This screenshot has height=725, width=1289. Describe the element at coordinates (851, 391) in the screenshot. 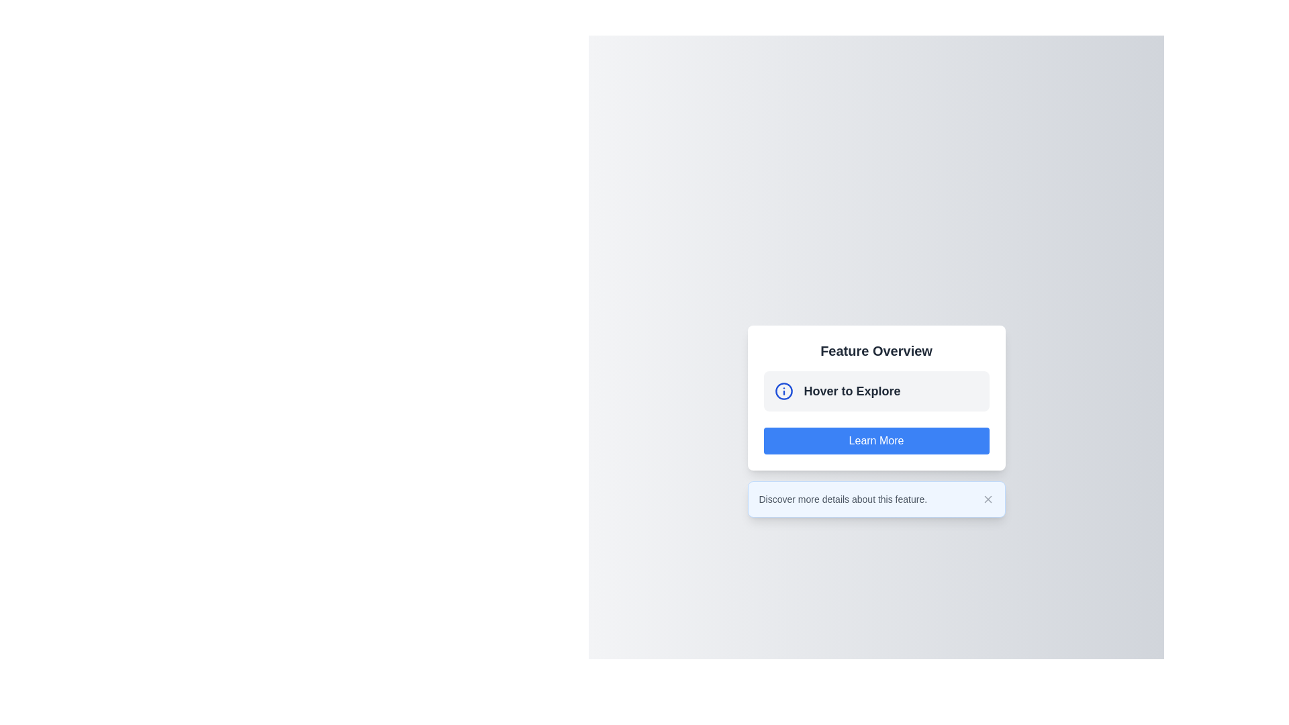

I see `the bold static text 'Hover` at that location.